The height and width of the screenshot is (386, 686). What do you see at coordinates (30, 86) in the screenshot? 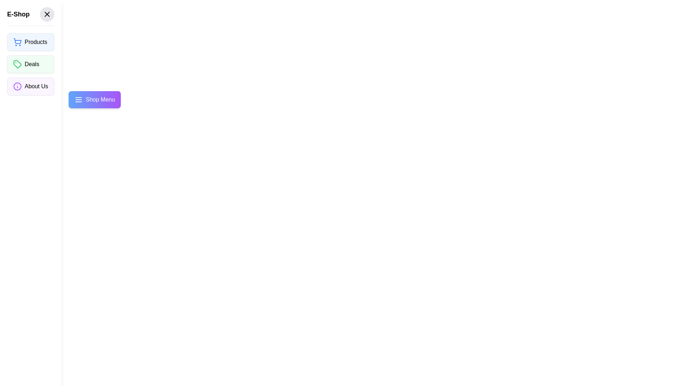
I see `the 'About Us' button in the drawer` at bounding box center [30, 86].